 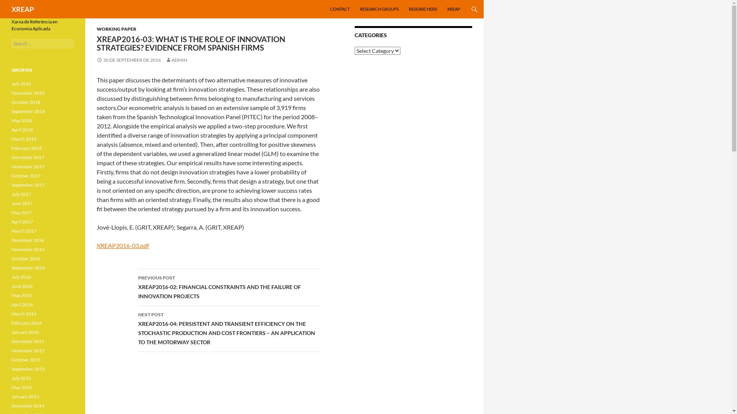 I want to click on 'March 2017', so click(x=24, y=230).